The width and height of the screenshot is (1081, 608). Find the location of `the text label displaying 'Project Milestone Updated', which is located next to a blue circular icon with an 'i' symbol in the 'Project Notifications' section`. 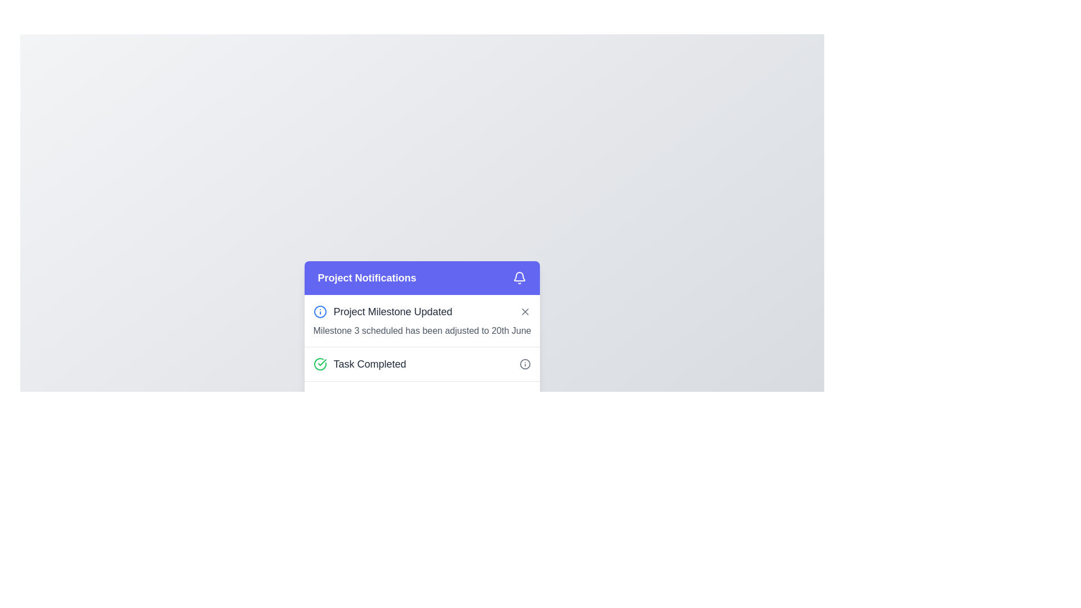

the text label displaying 'Project Milestone Updated', which is located next to a blue circular icon with an 'i' symbol in the 'Project Notifications' section is located at coordinates (393, 312).